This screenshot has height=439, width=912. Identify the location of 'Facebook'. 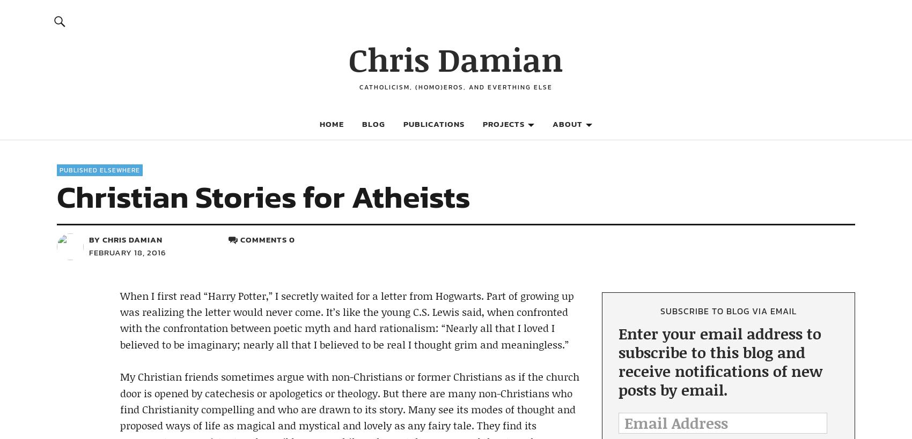
(188, 208).